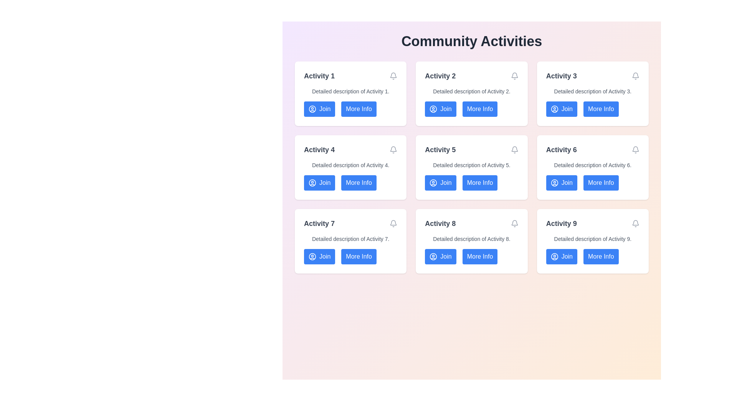 This screenshot has width=737, height=415. Describe the element at coordinates (514, 224) in the screenshot. I see `the gray outlined bell icon adjacent to the label for 'Activity 8'` at that location.